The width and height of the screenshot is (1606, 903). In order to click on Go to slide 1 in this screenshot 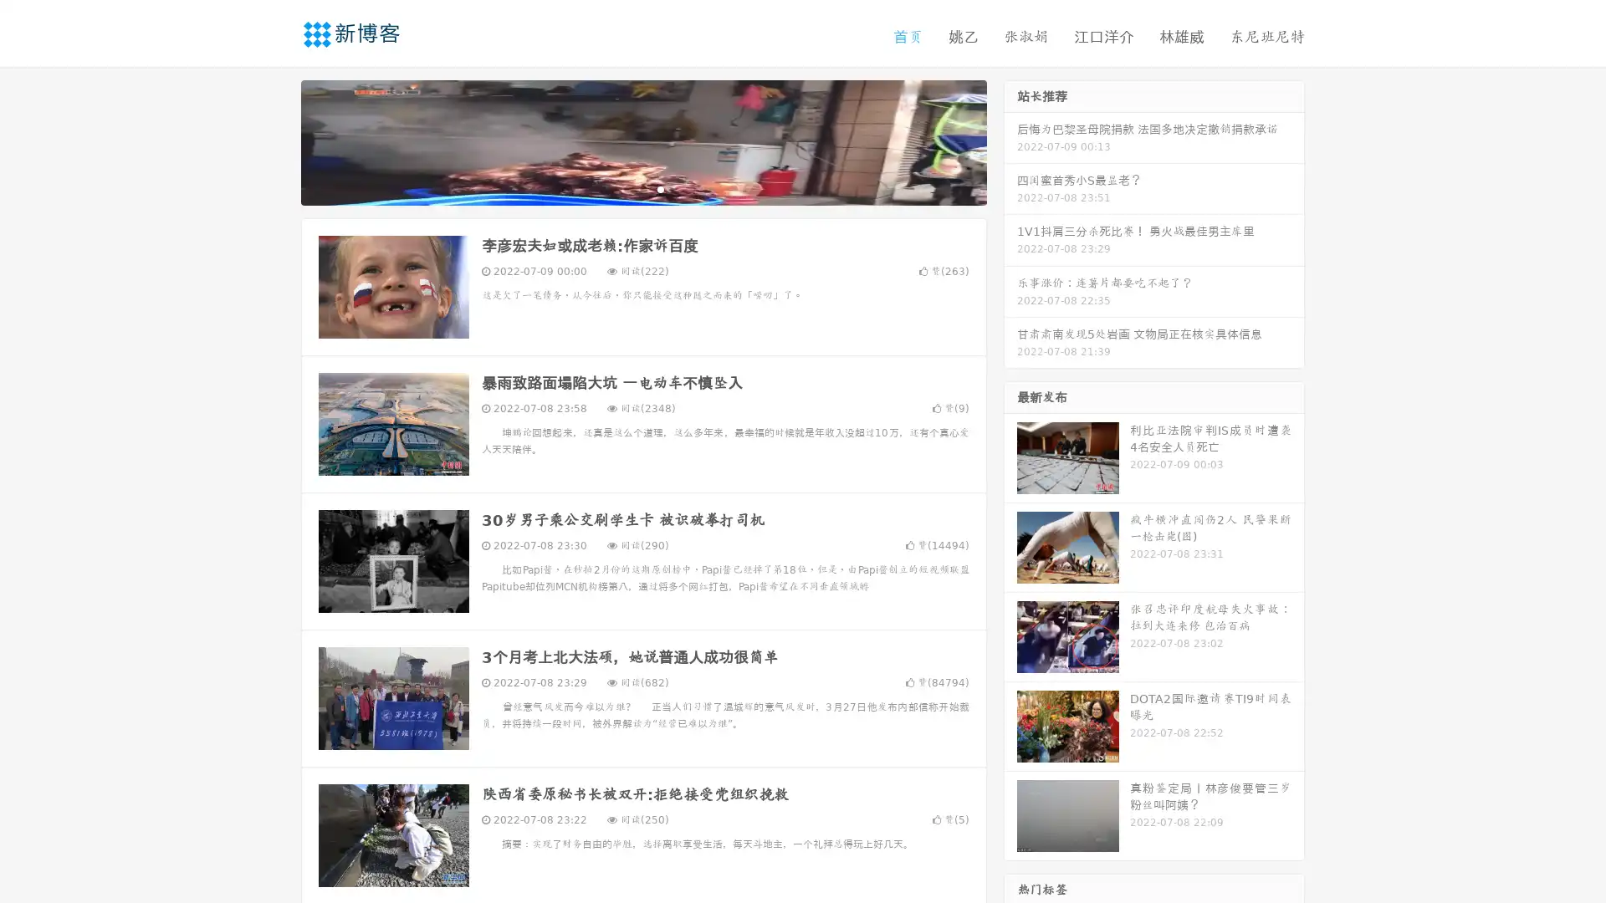, I will do `click(626, 188)`.